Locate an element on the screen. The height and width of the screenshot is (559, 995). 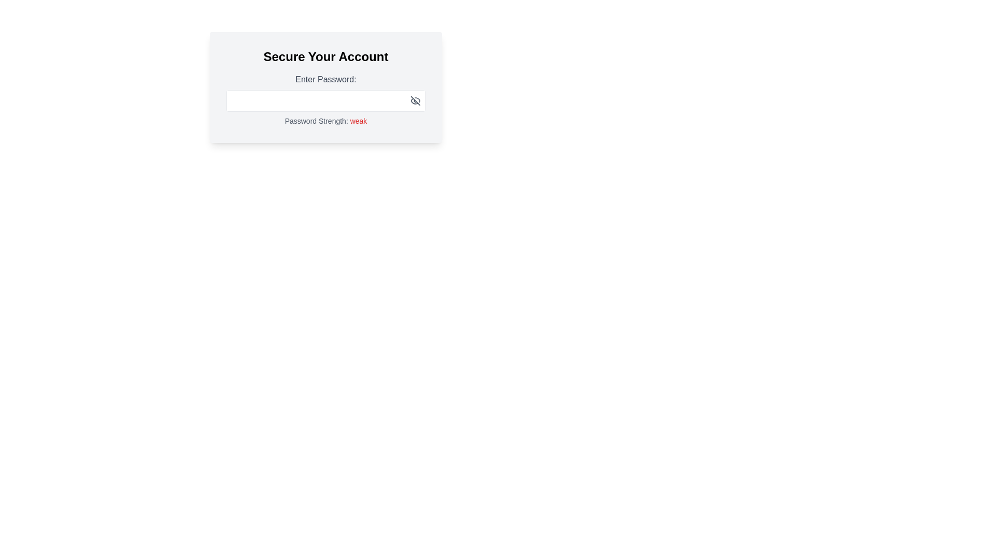
the eye with a strike SVG icon located to the right of the password input box is located at coordinates (415, 101).